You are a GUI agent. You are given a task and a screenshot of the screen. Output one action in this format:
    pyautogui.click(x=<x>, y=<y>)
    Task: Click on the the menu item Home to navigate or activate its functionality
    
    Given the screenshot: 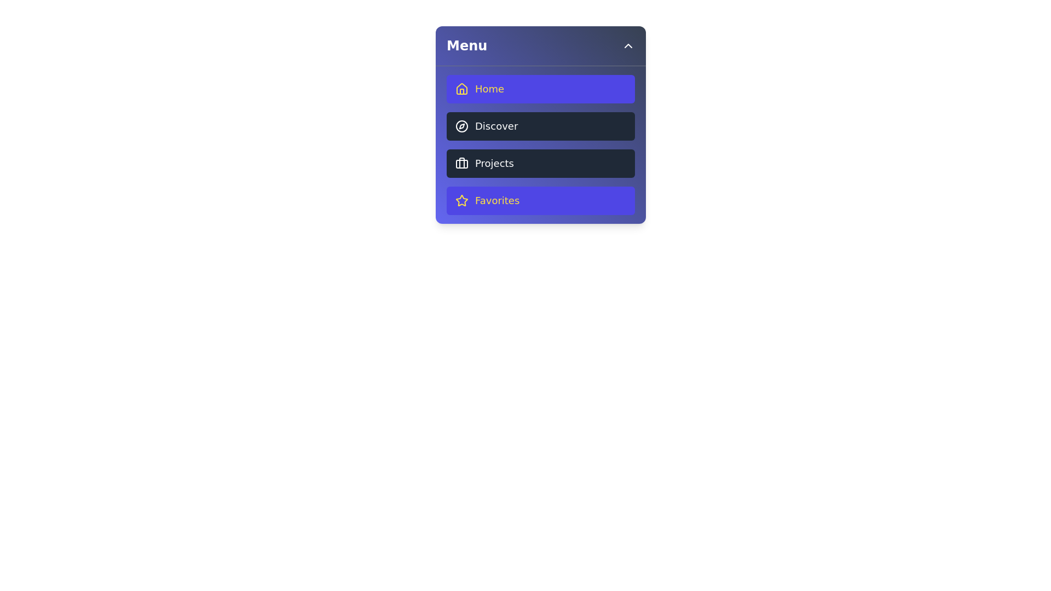 What is the action you would take?
    pyautogui.click(x=541, y=88)
    